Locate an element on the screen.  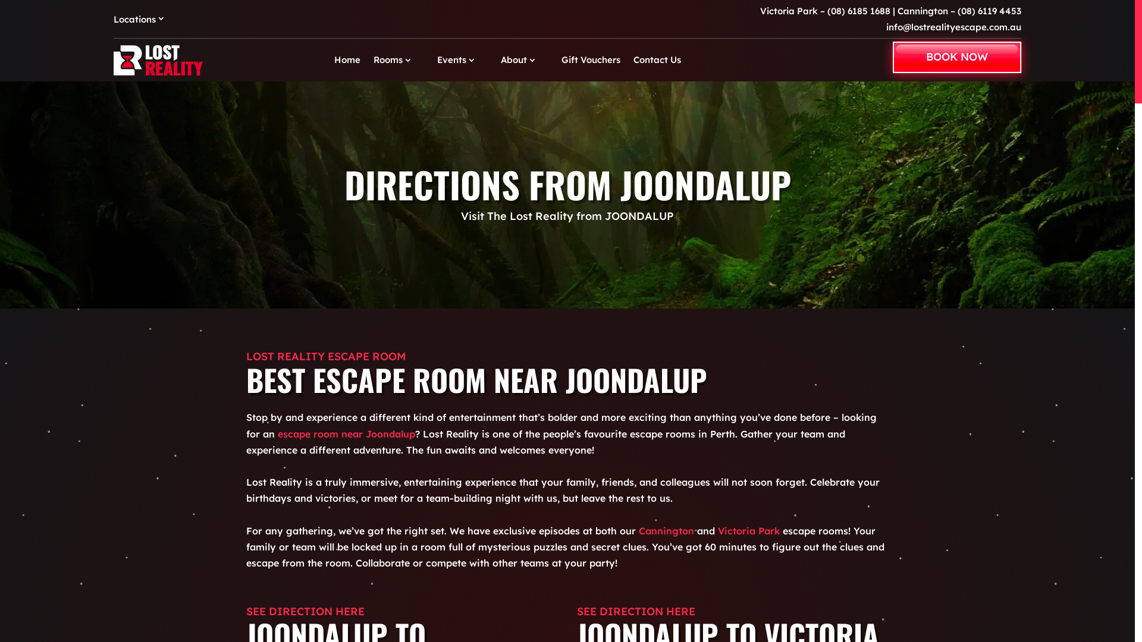
'Gift Vouchers' is located at coordinates (561, 59).